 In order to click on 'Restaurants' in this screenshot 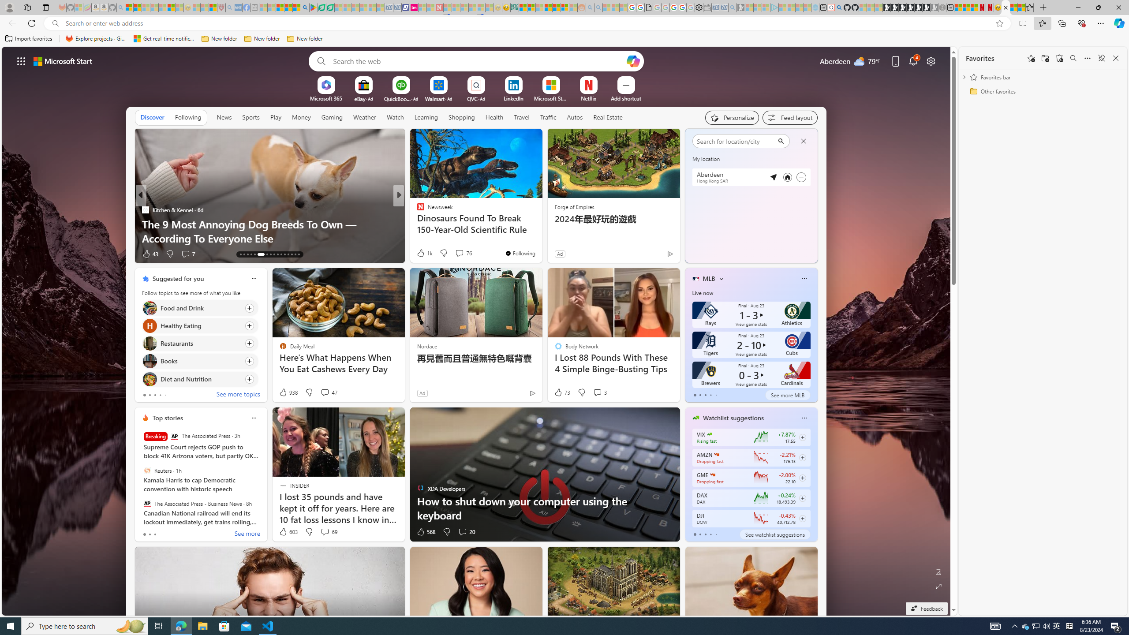, I will do `click(149, 343)`.